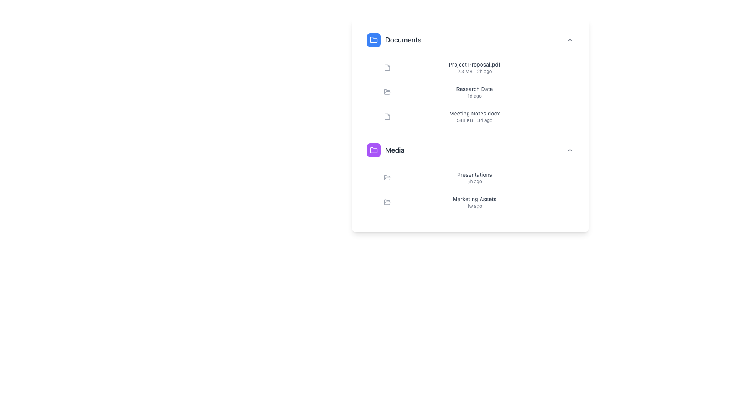 The height and width of the screenshot is (413, 734). Describe the element at coordinates (387, 116) in the screenshot. I see `the document file icon for 'Meeting Notes.docx' located in the 'Documents' section, positioned at the far left side of the file listing` at that location.